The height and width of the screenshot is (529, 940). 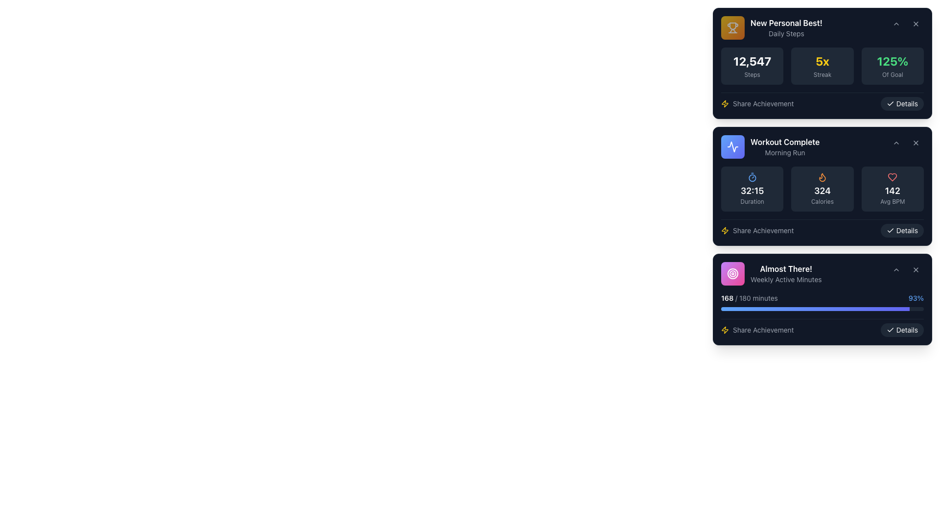 I want to click on the 'View Details' button located in the 'Share Achievement' section of the 'New Personal Best!' card, so click(x=901, y=104).